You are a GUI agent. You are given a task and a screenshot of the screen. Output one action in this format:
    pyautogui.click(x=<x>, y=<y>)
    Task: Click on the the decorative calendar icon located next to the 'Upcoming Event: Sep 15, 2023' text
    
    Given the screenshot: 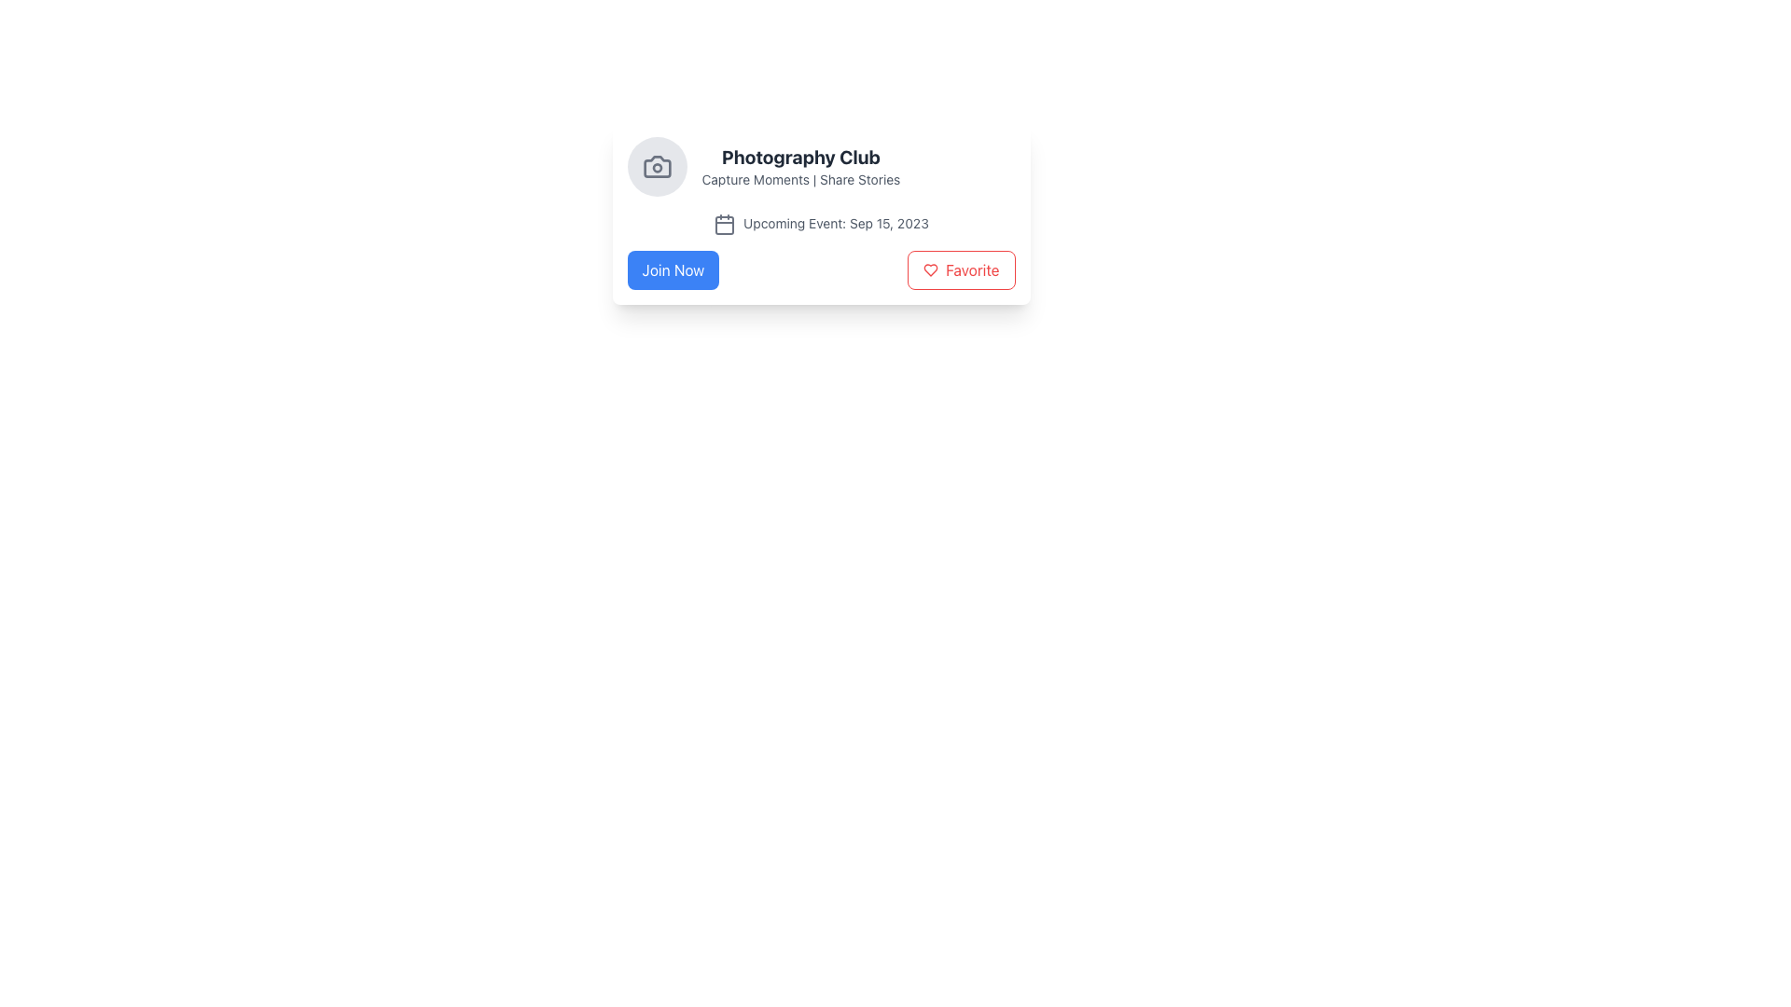 What is the action you would take?
    pyautogui.click(x=724, y=224)
    